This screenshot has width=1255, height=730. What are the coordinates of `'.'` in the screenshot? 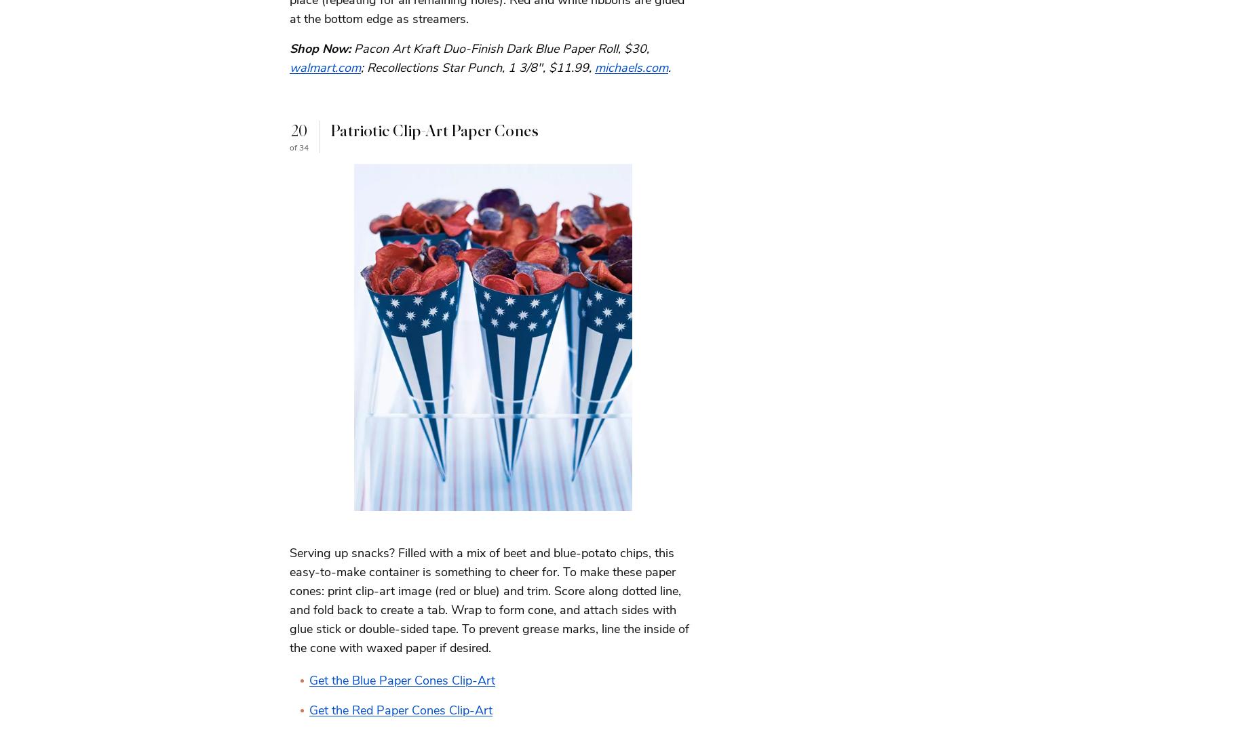 It's located at (668, 66).